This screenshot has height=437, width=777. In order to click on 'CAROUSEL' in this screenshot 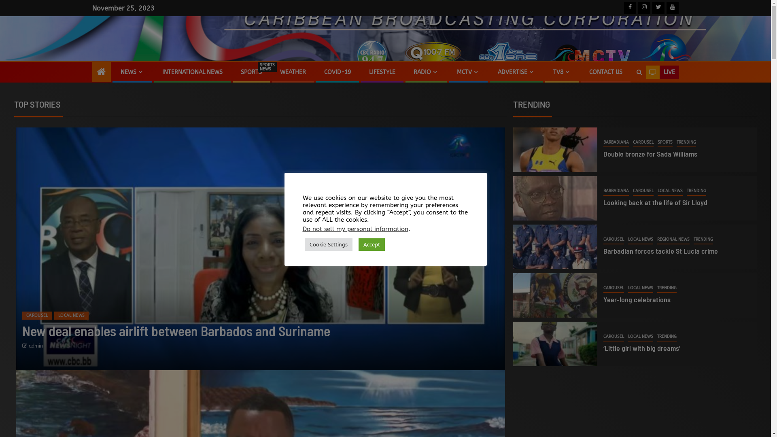, I will do `click(614, 337)`.